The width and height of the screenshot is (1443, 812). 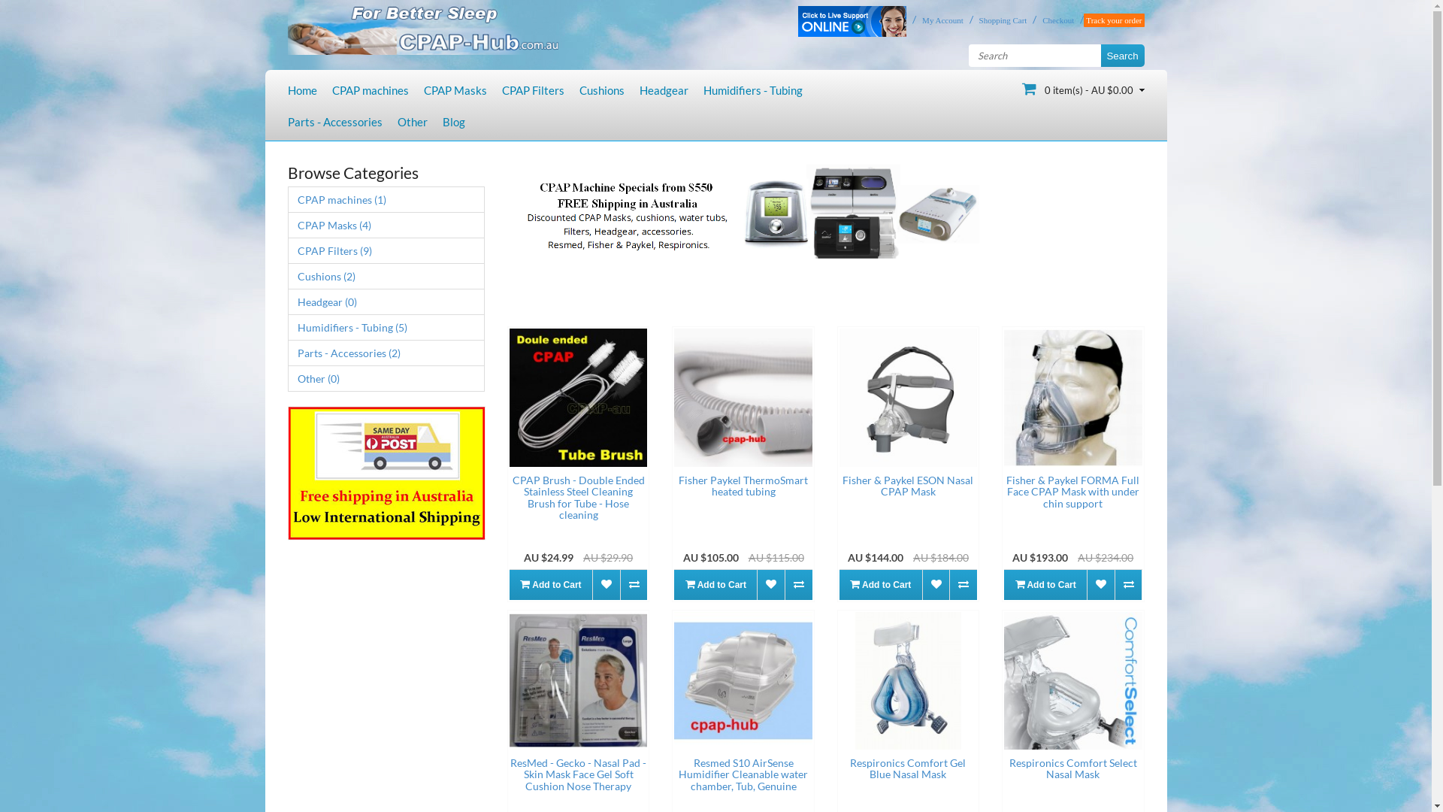 What do you see at coordinates (1114, 20) in the screenshot?
I see `'Track your order'` at bounding box center [1114, 20].